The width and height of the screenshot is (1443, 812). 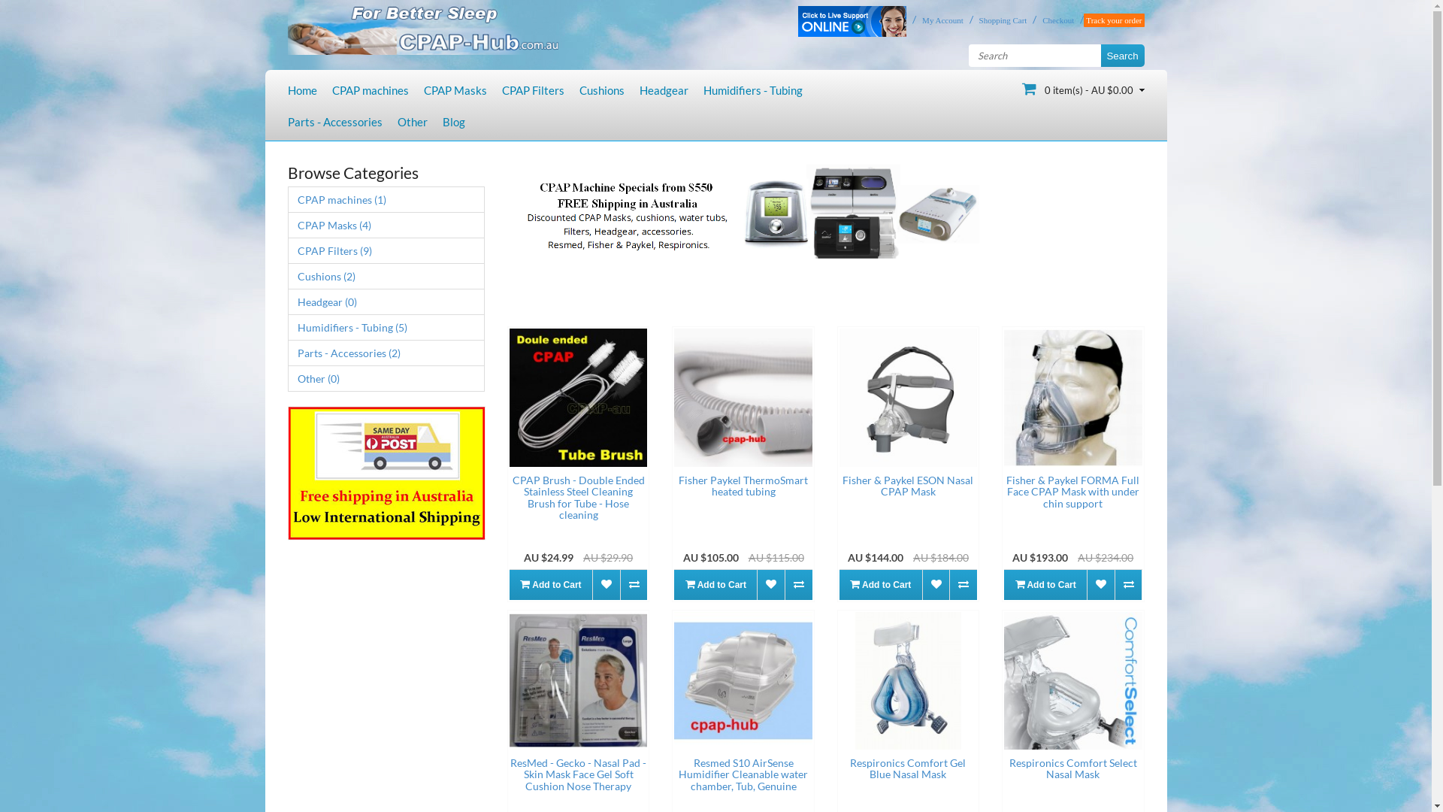 What do you see at coordinates (1114, 20) in the screenshot?
I see `'Track your order'` at bounding box center [1114, 20].